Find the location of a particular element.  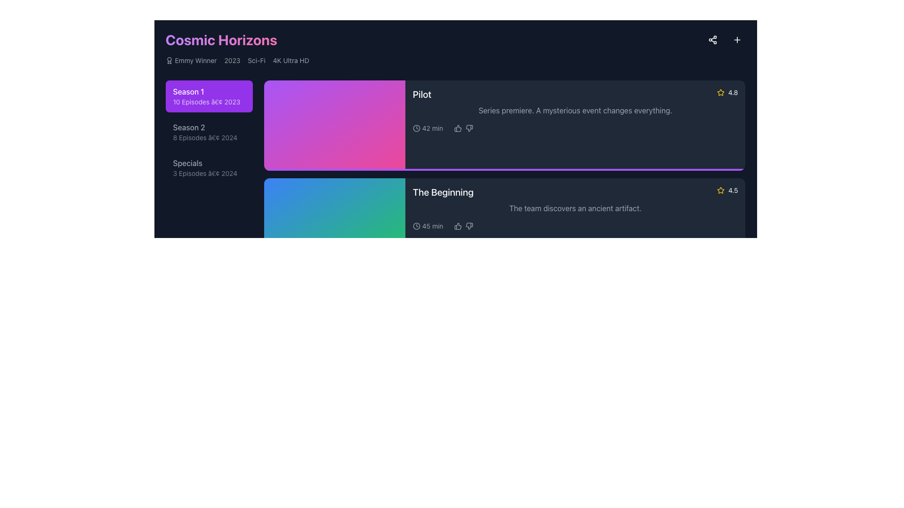

the circular clock icon located to the left of the '42 min' text in the 'Pilot' listing, which is styled with a minimal stroke design and includes a clock hand is located at coordinates (416, 128).